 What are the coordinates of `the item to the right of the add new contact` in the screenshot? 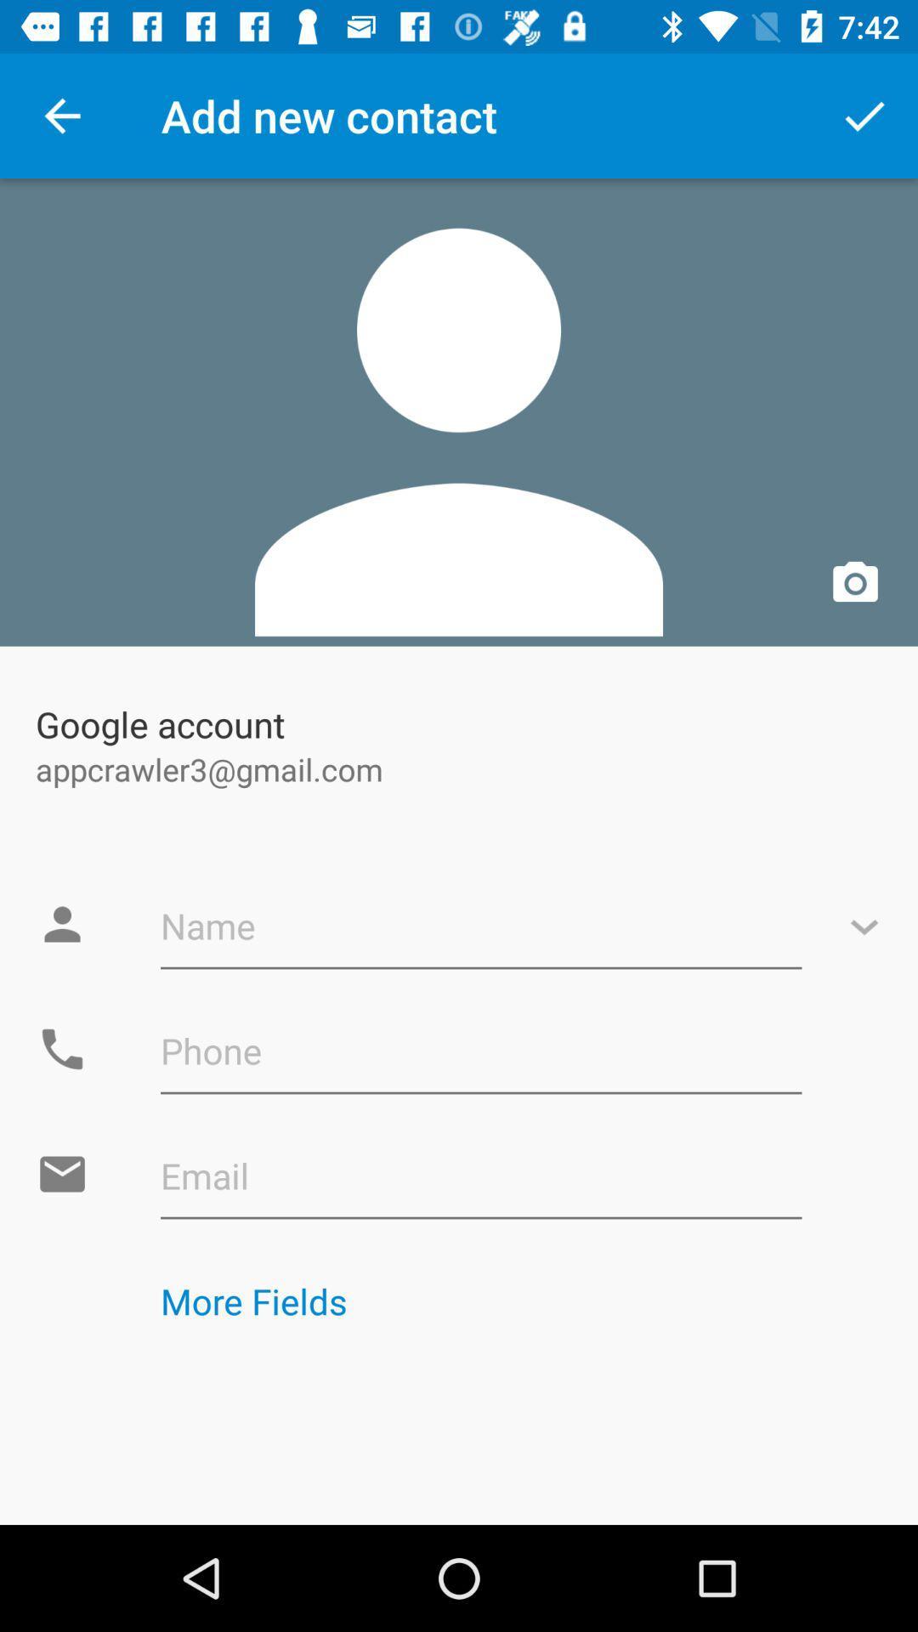 It's located at (864, 115).